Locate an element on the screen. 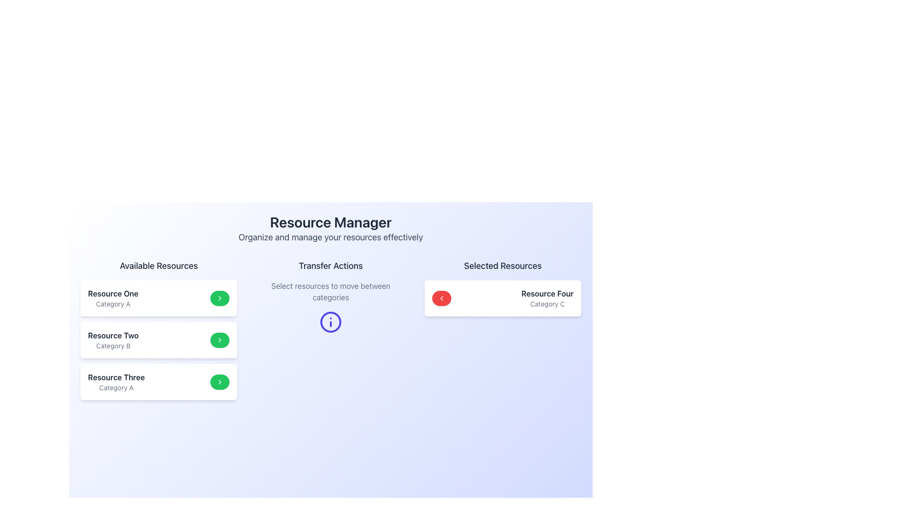  the text label displaying 'Resource Two' in bold, dark gray font, located in the 'Available Resources' section, second row between 'Resource One' and 'Resource Three' is located at coordinates (113, 335).